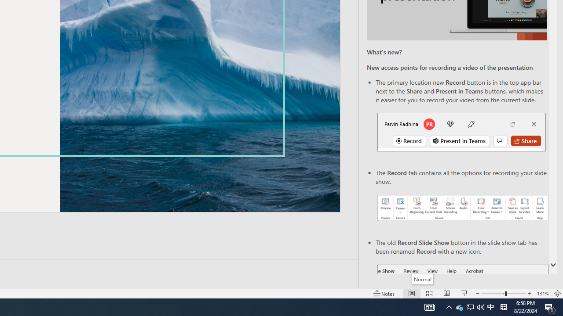 The width and height of the screenshot is (563, 316). Describe the element at coordinates (542, 294) in the screenshot. I see `'Zoom 131%'` at that location.